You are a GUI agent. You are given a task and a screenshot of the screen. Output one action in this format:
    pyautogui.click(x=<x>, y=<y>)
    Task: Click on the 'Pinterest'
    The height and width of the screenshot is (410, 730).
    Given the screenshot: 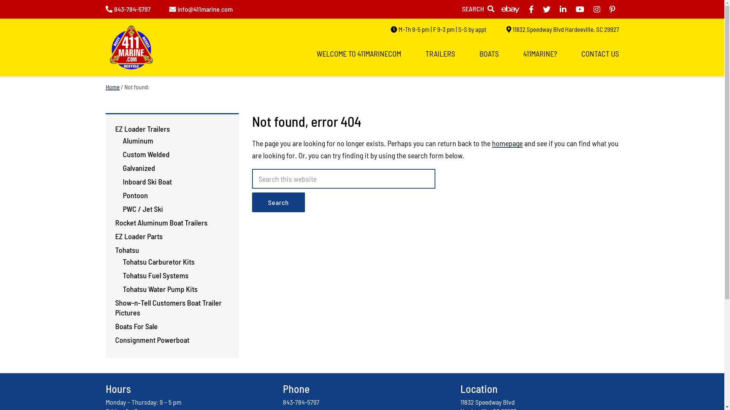 What is the action you would take?
    pyautogui.click(x=609, y=9)
    